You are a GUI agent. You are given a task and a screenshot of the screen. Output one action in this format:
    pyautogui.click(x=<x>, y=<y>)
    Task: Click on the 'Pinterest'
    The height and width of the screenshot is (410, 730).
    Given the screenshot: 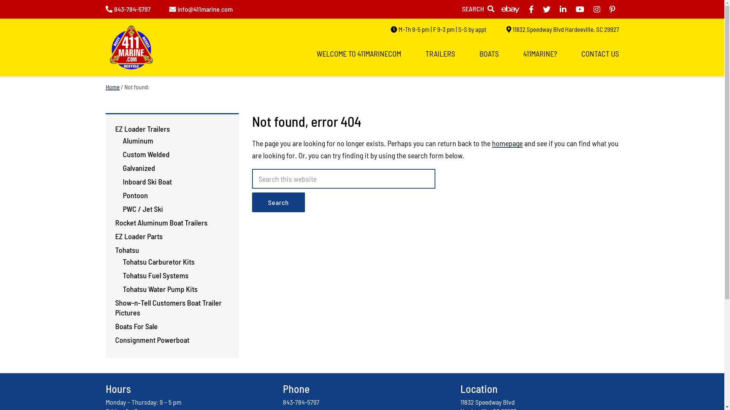 What is the action you would take?
    pyautogui.click(x=609, y=9)
    